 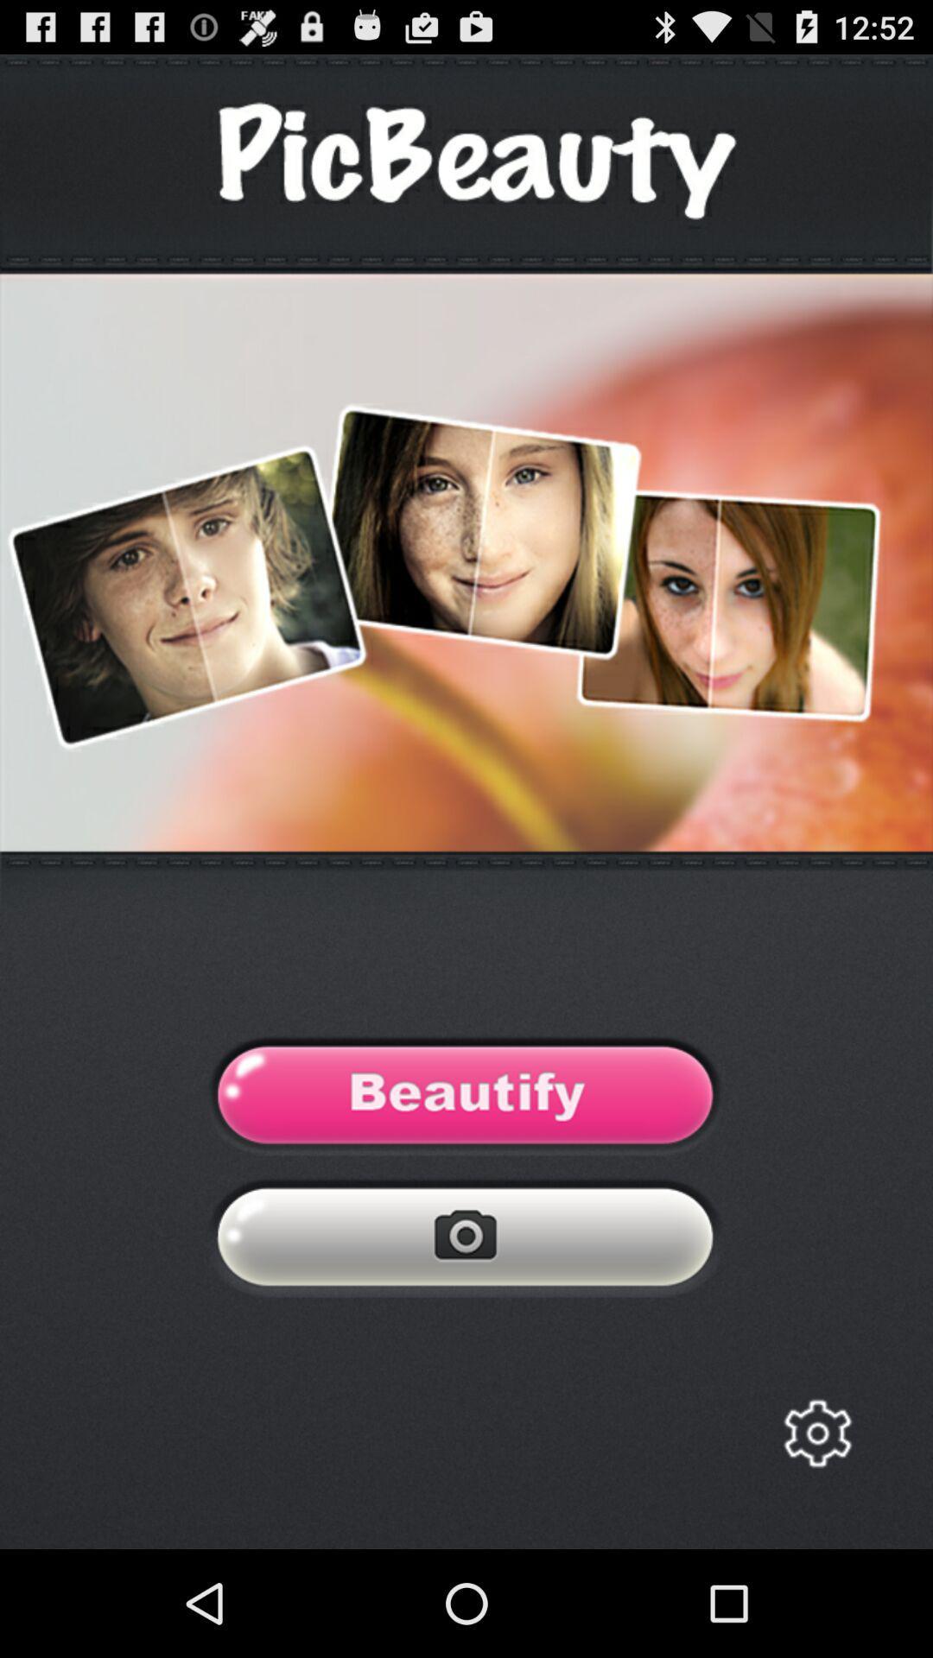 I want to click on open settings, so click(x=816, y=1433).